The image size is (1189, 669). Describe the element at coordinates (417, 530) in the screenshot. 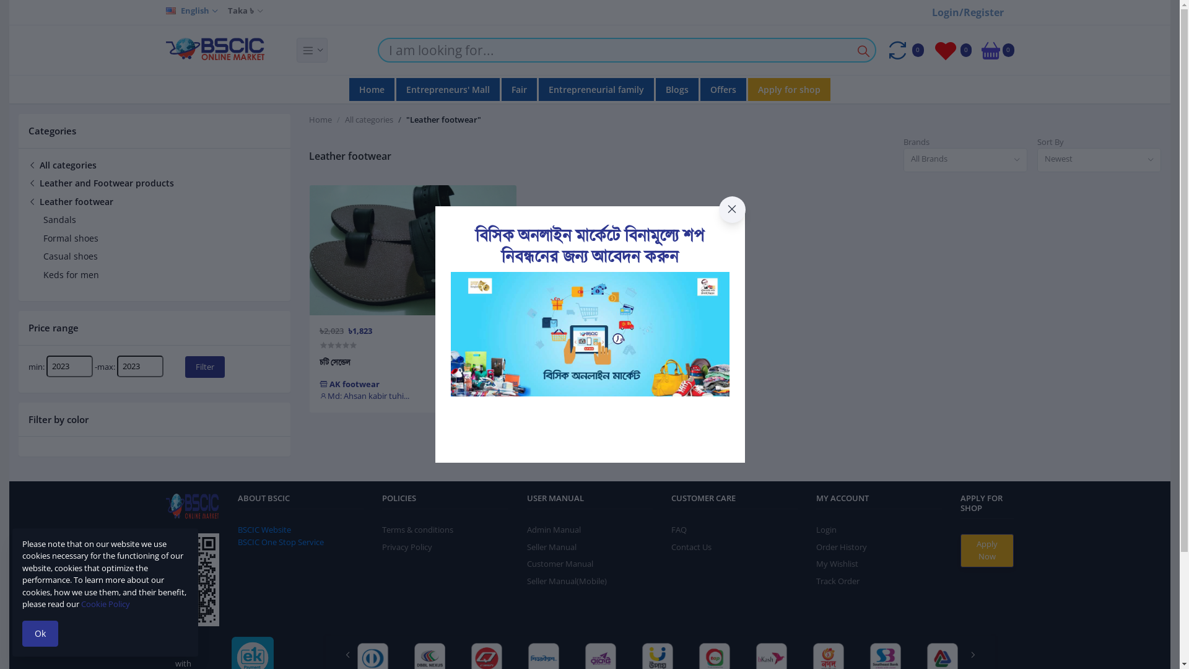

I see `'Terms & conditions'` at that location.